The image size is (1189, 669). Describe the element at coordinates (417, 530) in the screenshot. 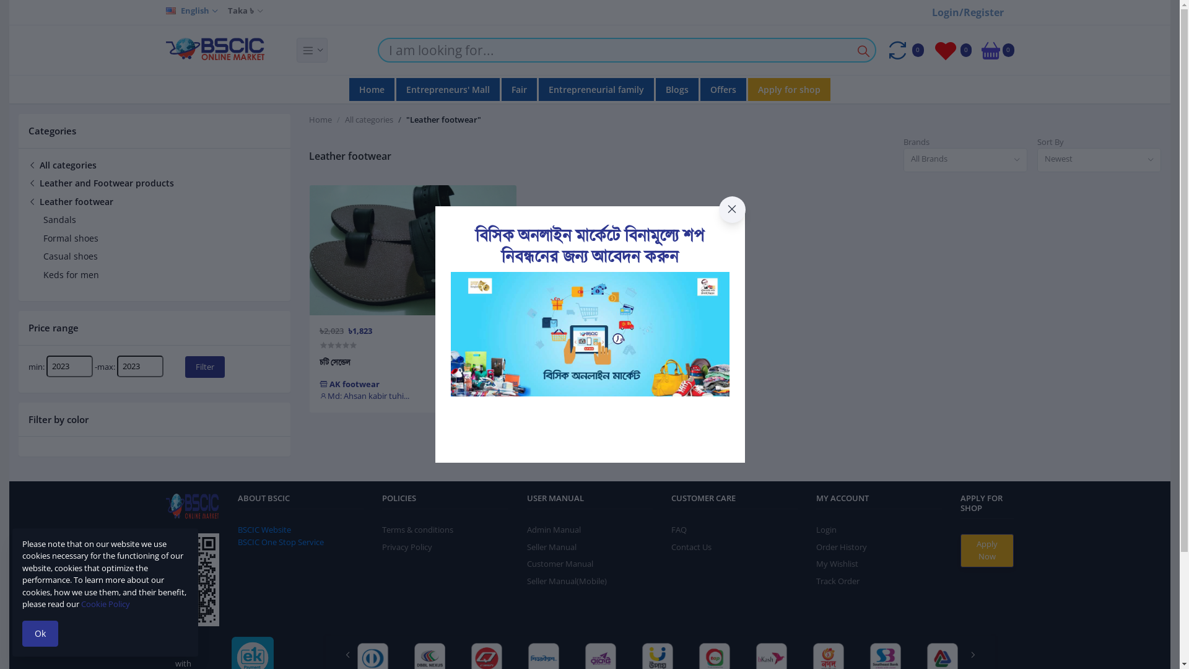

I see `'Terms & conditions'` at that location.